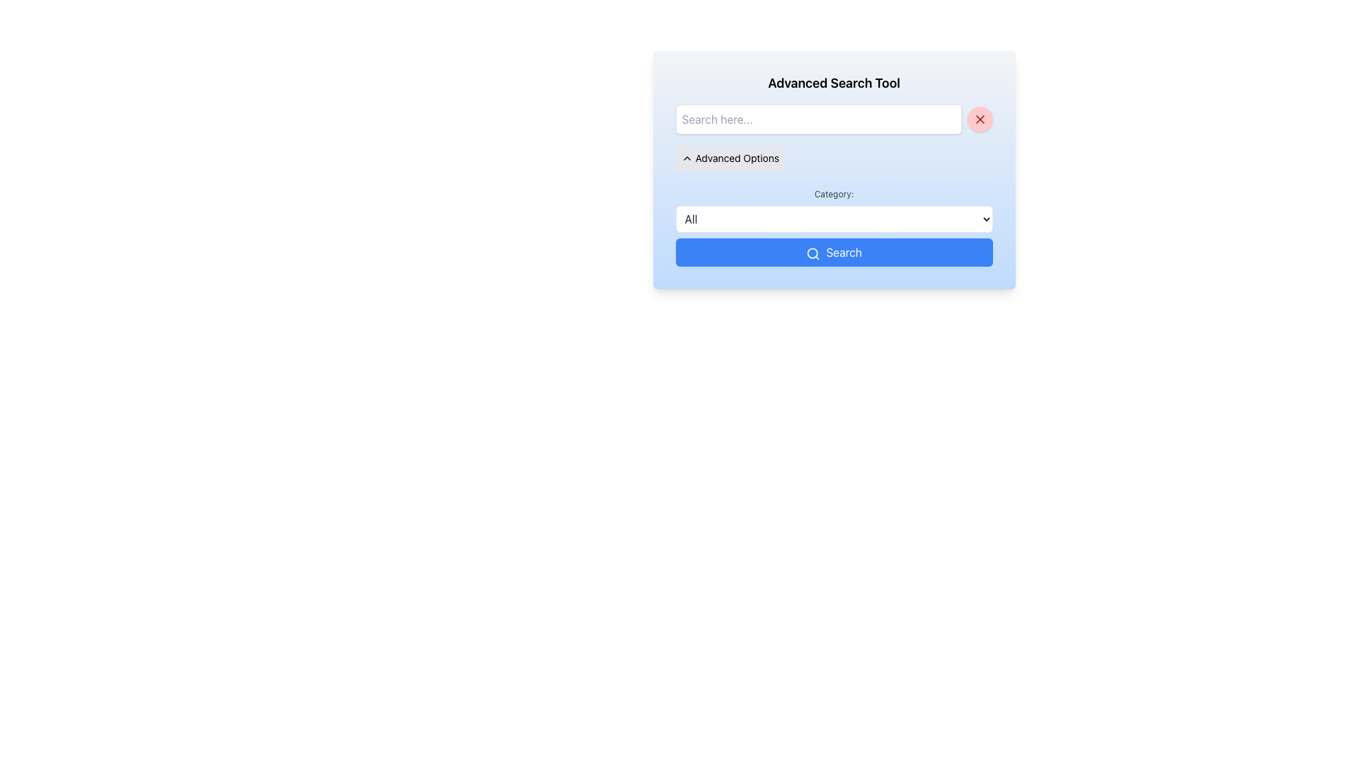 The height and width of the screenshot is (764, 1359). I want to click on the SVG graphical element representing the 'Search' icon, which is part of the 'Search' button at the bottom of the interface, so click(813, 252).